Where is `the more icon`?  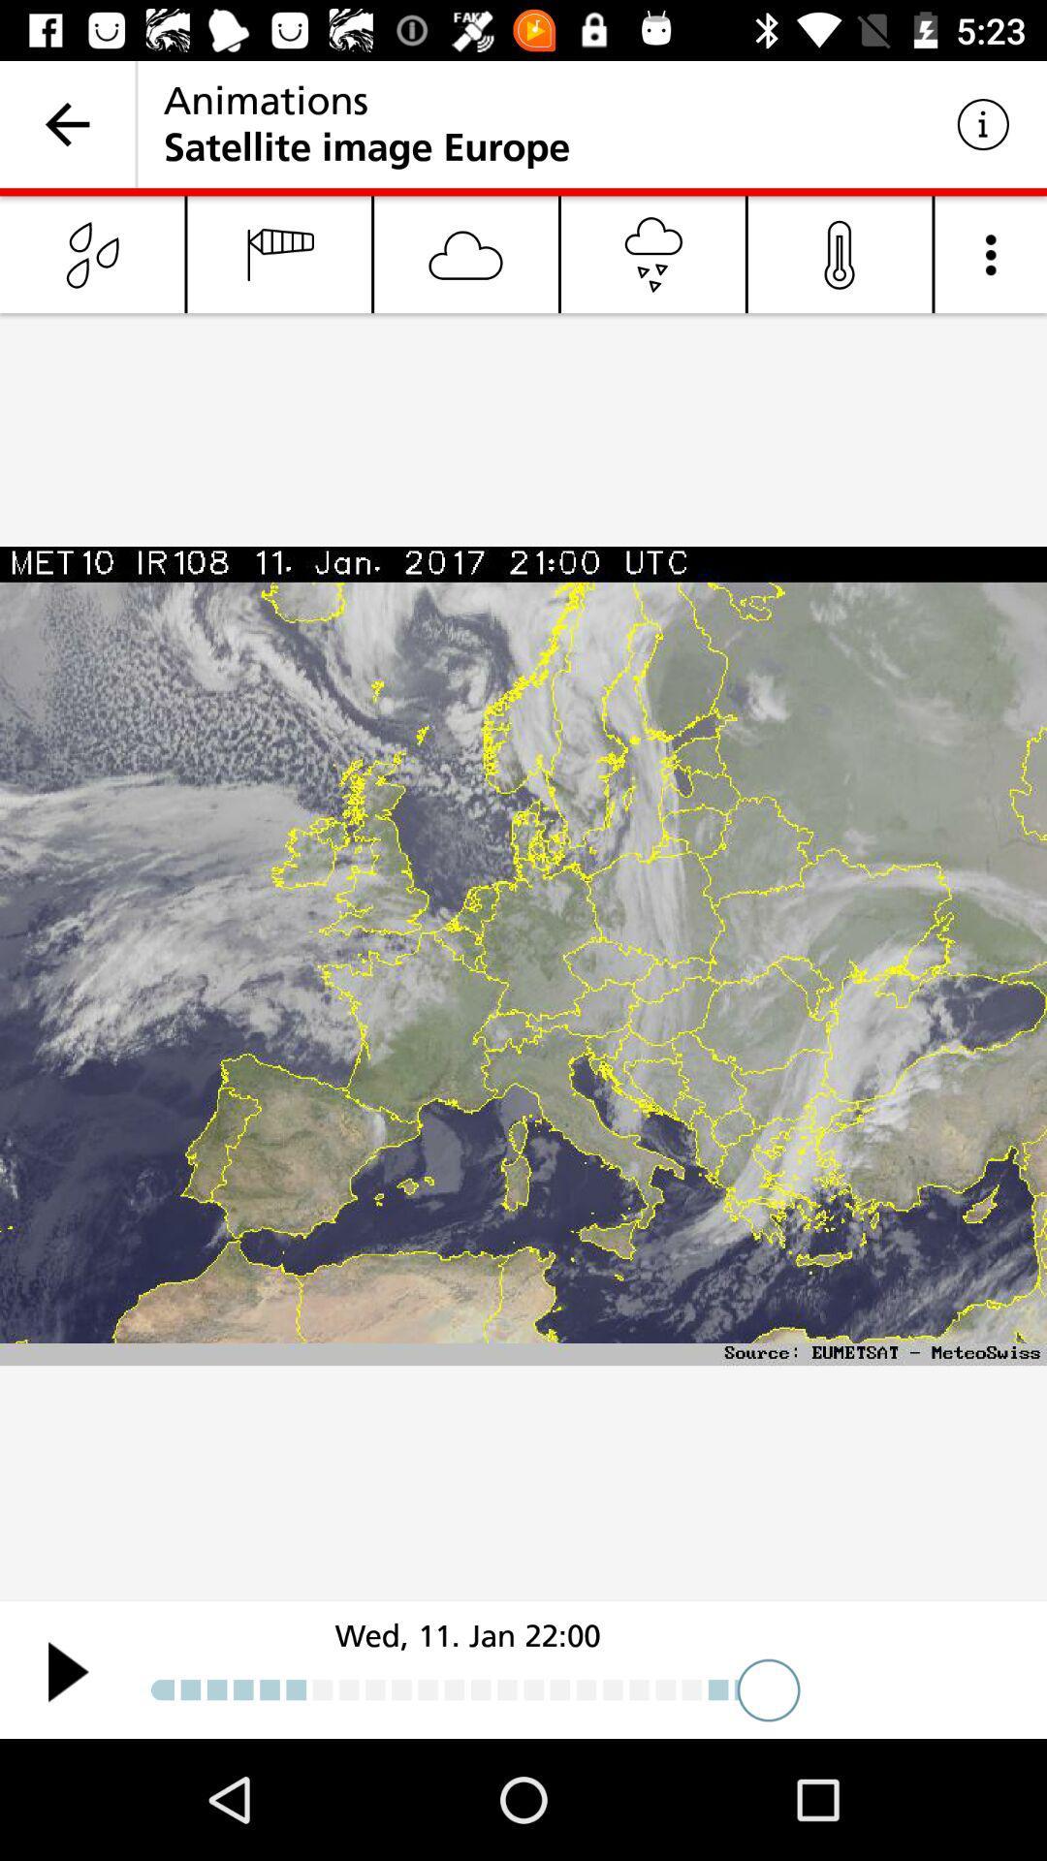
the more icon is located at coordinates (991, 253).